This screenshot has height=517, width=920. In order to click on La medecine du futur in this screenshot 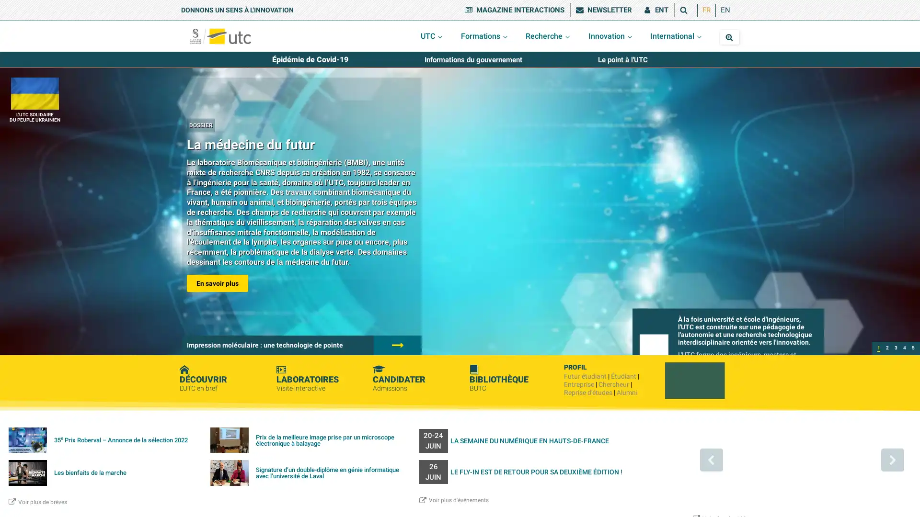, I will do `click(878, 348)`.